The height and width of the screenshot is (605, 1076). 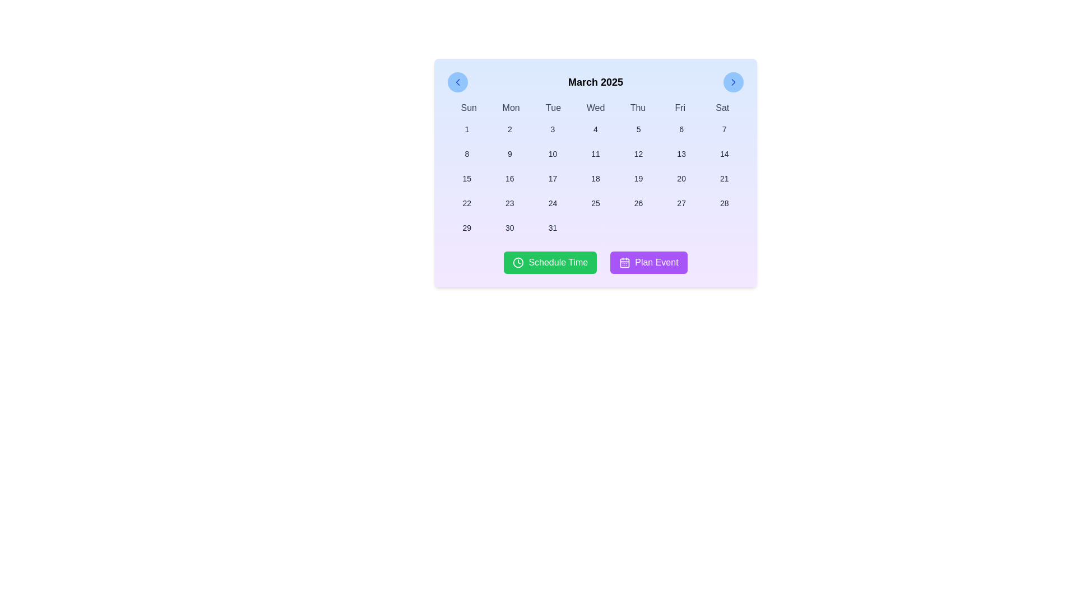 What do you see at coordinates (638, 178) in the screenshot?
I see `the button labeled '19' in the calendar grid for March 2025` at bounding box center [638, 178].